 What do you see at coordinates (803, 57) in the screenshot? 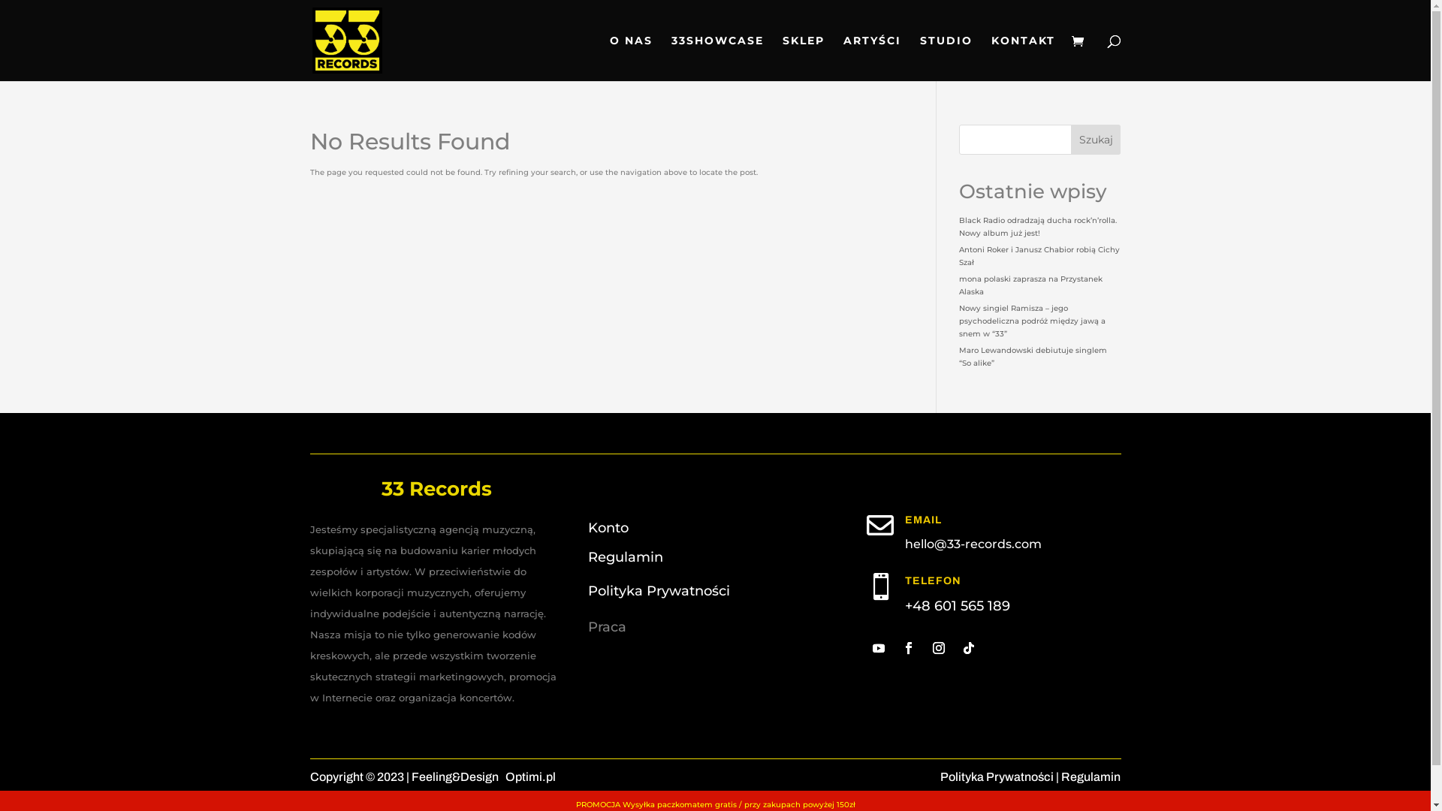
I see `'SKLEP'` at bounding box center [803, 57].